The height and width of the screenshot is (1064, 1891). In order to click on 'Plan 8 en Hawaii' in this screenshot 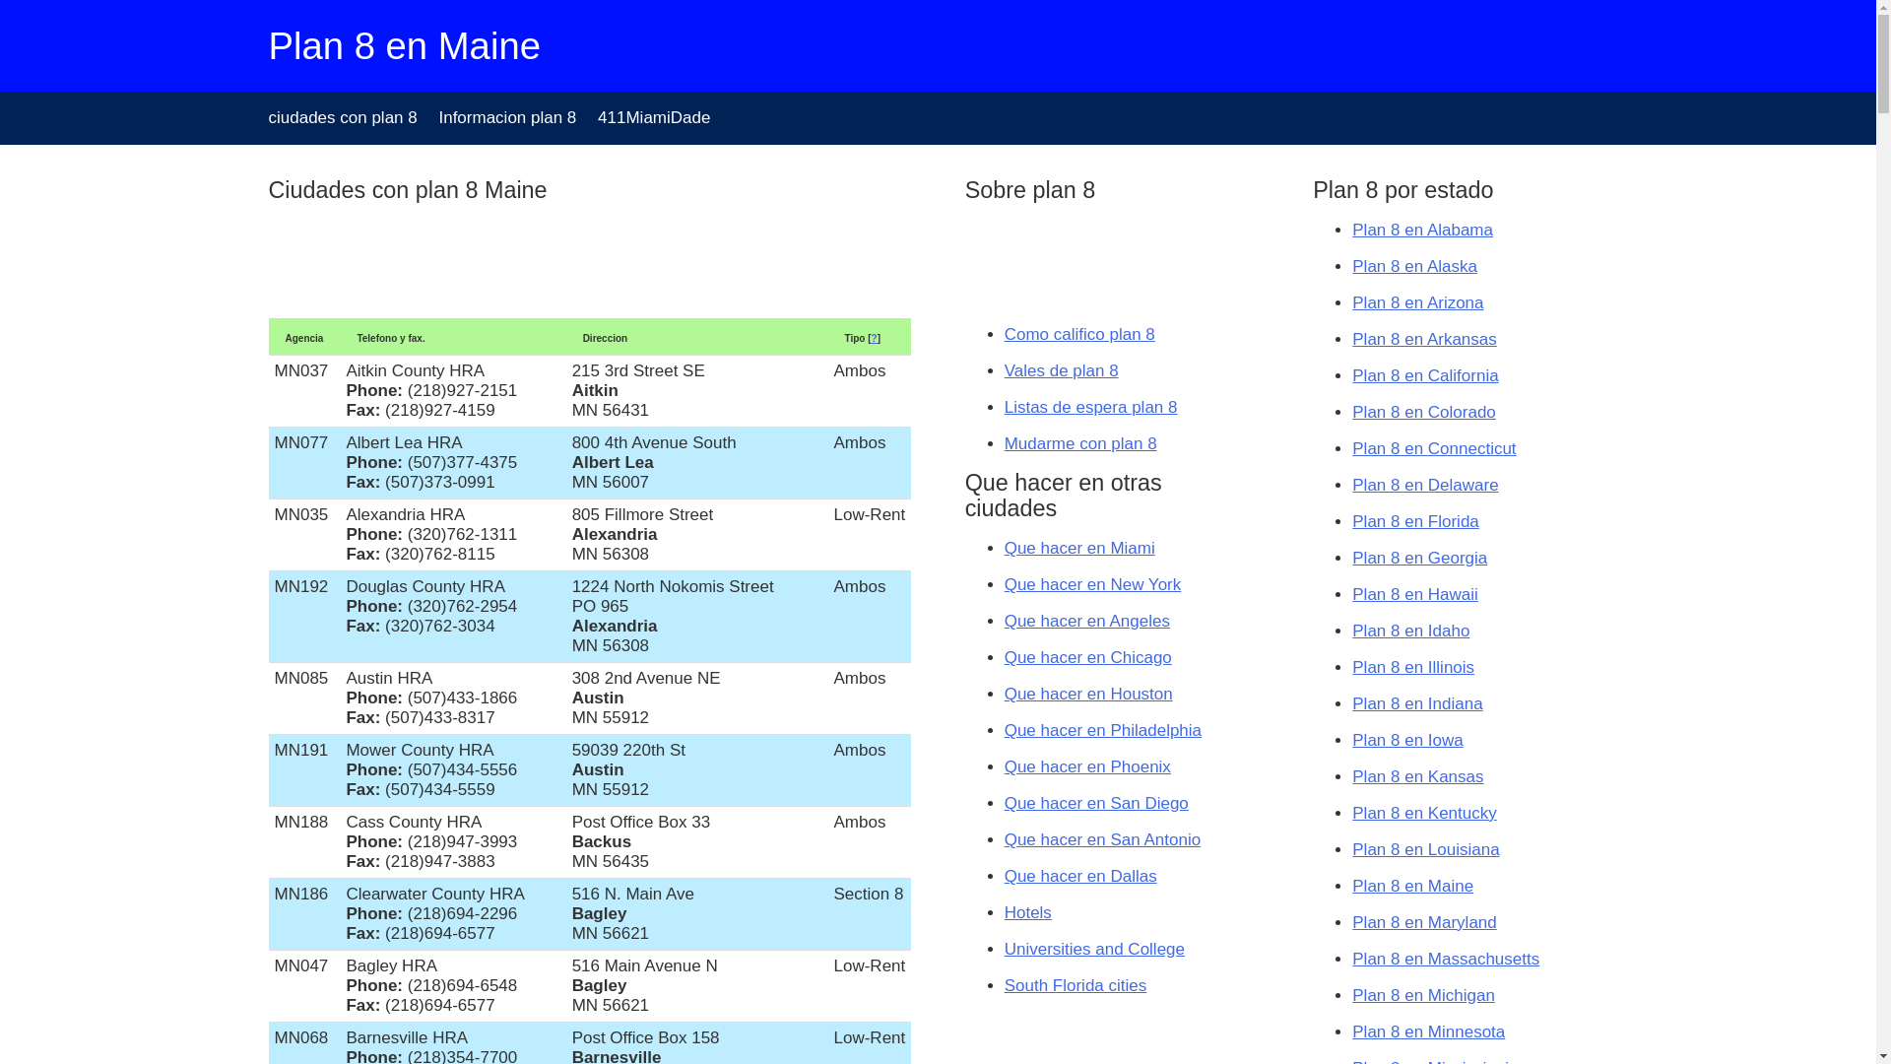, I will do `click(1413, 593)`.